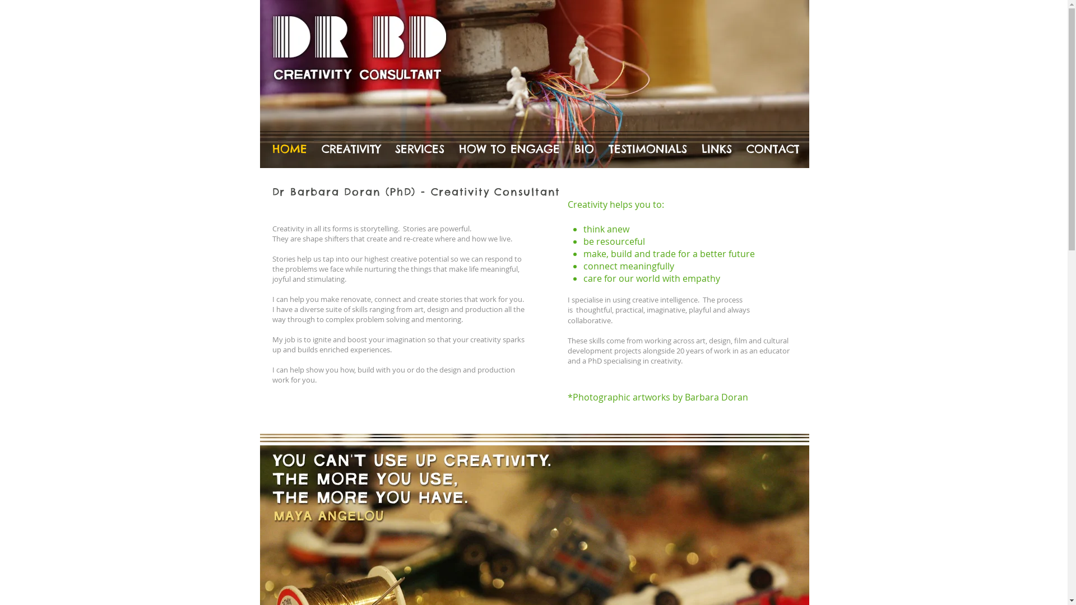 Image resolution: width=1076 pixels, height=605 pixels. What do you see at coordinates (452, 148) in the screenshot?
I see `'HOW TO ENGAGE'` at bounding box center [452, 148].